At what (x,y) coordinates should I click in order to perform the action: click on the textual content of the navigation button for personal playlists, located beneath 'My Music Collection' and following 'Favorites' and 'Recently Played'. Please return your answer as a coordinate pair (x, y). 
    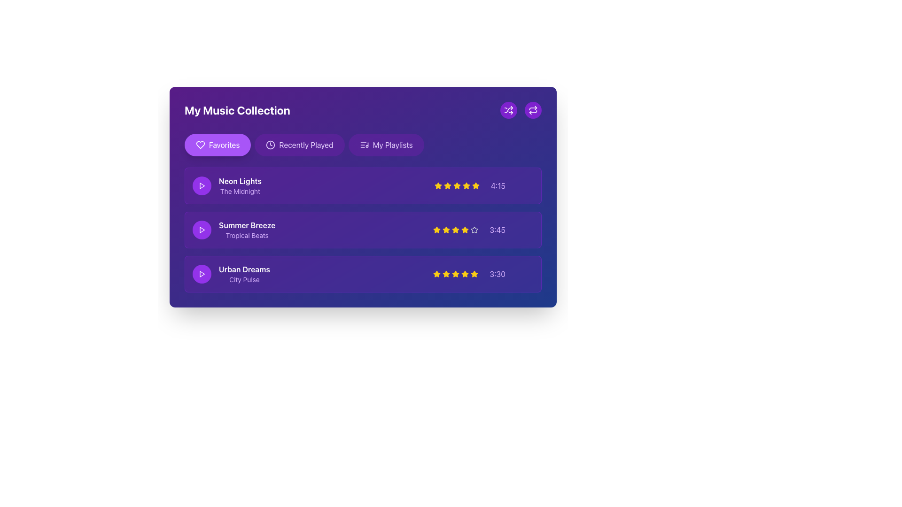
    Looking at the image, I should click on (393, 145).